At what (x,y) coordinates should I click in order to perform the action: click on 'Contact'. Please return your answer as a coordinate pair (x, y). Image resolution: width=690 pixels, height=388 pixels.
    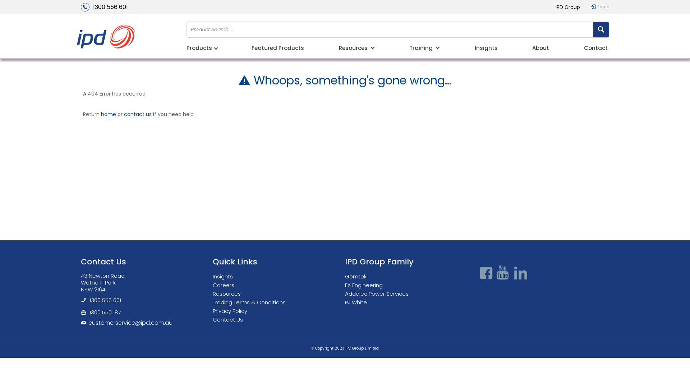
    Looking at the image, I should click on (595, 48).